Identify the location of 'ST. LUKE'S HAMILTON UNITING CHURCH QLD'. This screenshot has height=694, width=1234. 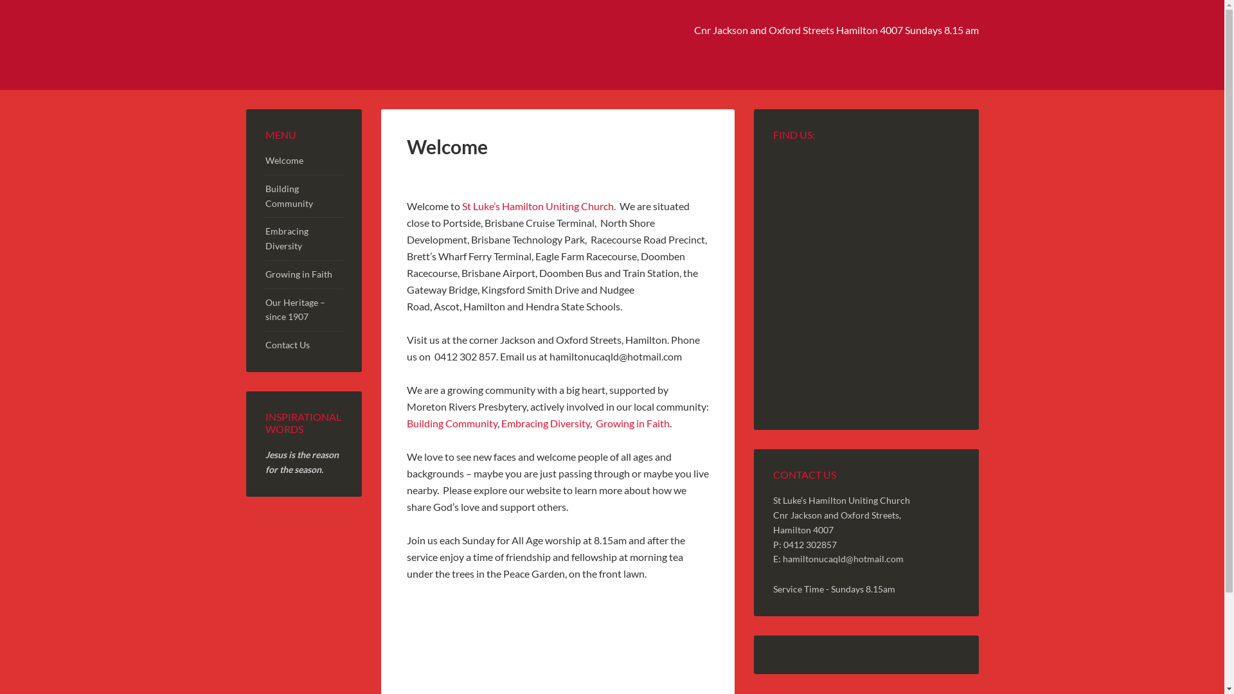
(355, 44).